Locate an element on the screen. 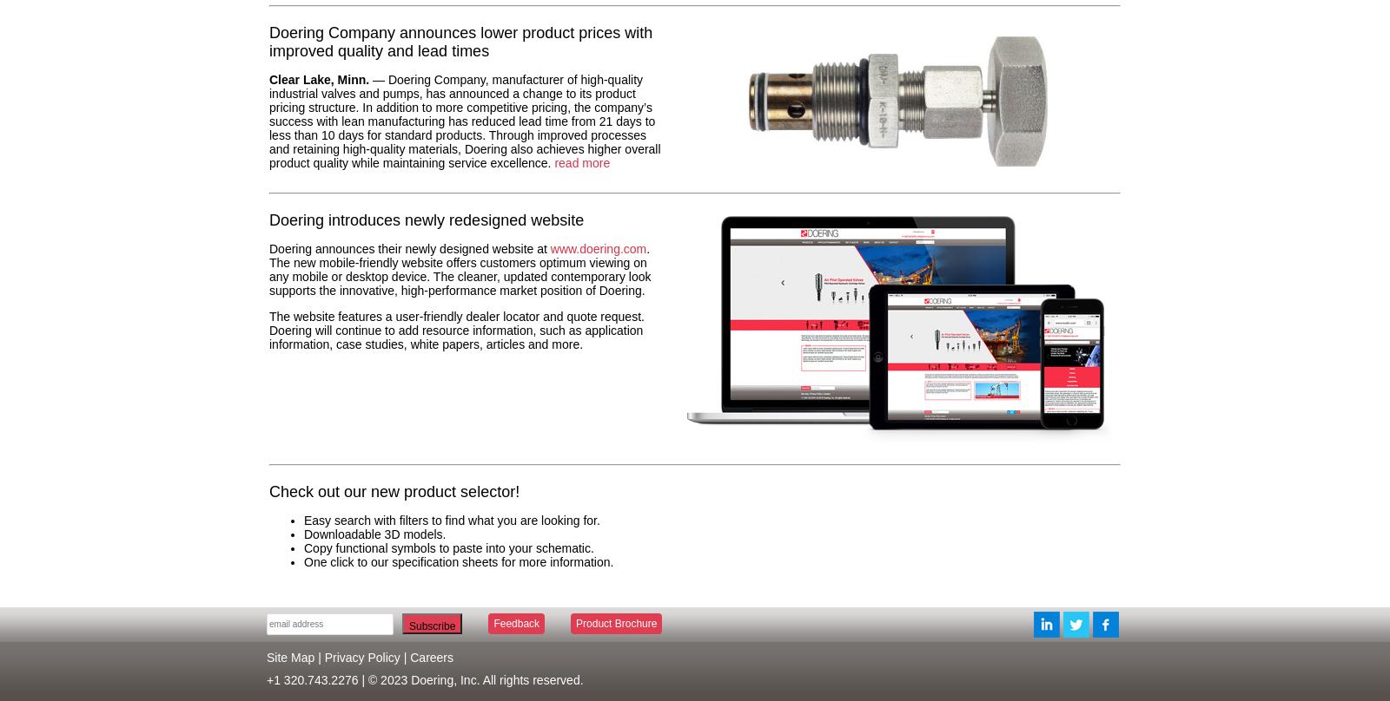 The width and height of the screenshot is (1390, 701). '. The new mobile-friendly website offers customers optimum viewing on any mobile or desktop device. The cleaner, updated contemporary look supports the innovative, high-performance market position of Doering.' is located at coordinates (459, 268).